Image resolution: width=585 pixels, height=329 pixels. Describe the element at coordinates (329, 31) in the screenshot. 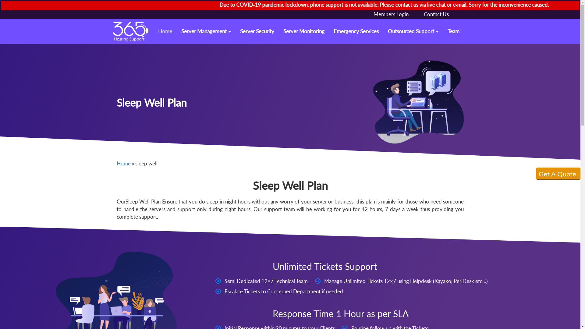

I see `'Emergency Services'` at that location.